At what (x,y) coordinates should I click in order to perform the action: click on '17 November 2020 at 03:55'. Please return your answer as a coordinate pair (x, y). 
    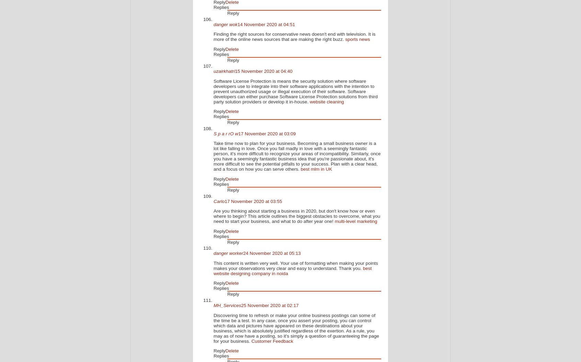
    Looking at the image, I should click on (253, 201).